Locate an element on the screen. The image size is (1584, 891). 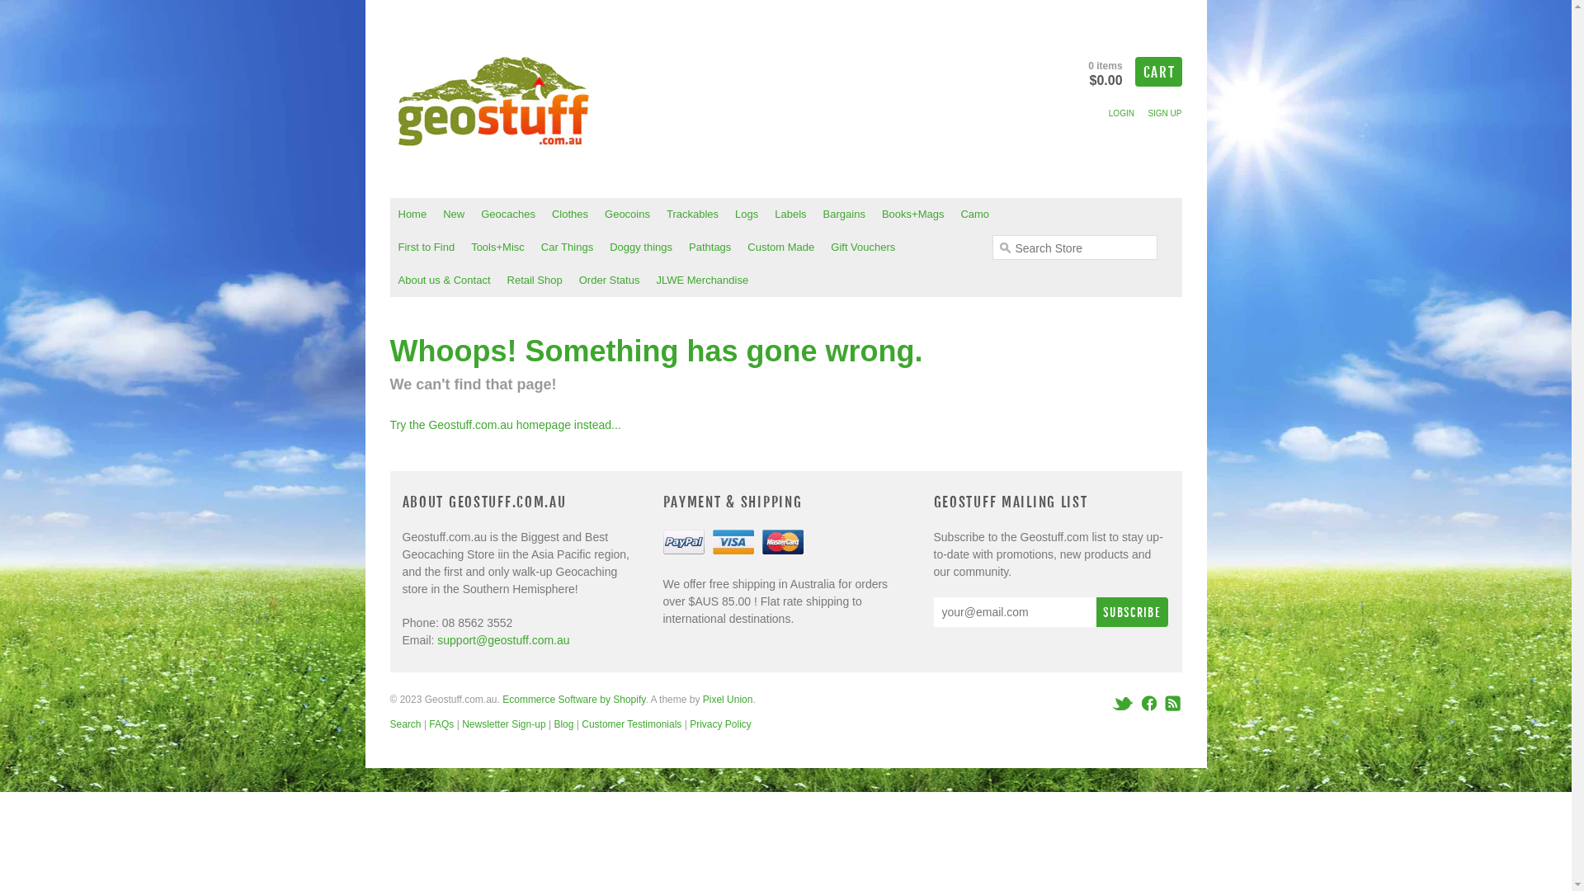
'Trackables' is located at coordinates (657, 213).